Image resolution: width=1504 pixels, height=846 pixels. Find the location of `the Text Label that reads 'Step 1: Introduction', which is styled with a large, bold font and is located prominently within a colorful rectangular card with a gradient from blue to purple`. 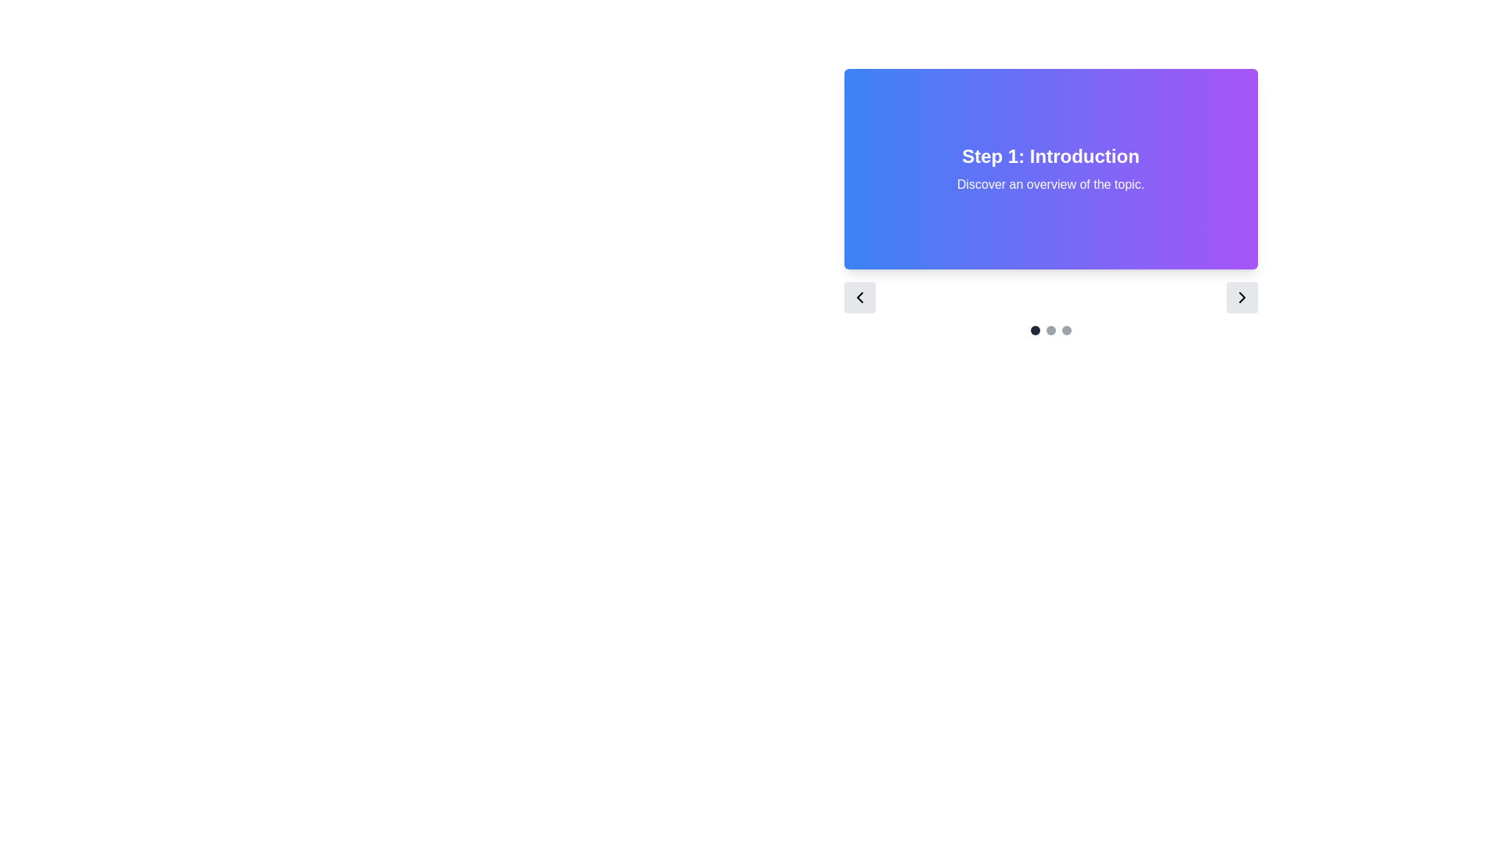

the Text Label that reads 'Step 1: Introduction', which is styled with a large, bold font and is located prominently within a colorful rectangular card with a gradient from blue to purple is located at coordinates (1050, 157).